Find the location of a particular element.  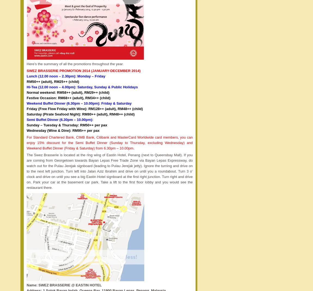

'Festive Occasion: RM68++ (adult), RM34++ (child)' is located at coordinates (68, 97).